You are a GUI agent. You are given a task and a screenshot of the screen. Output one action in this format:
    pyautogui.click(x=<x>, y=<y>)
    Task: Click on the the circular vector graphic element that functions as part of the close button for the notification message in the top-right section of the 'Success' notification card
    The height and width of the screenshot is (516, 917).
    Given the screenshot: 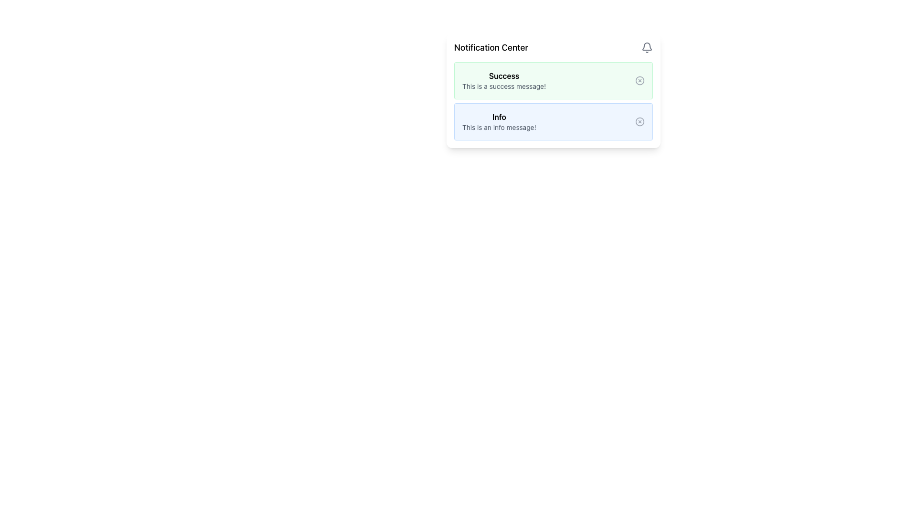 What is the action you would take?
    pyautogui.click(x=640, y=80)
    